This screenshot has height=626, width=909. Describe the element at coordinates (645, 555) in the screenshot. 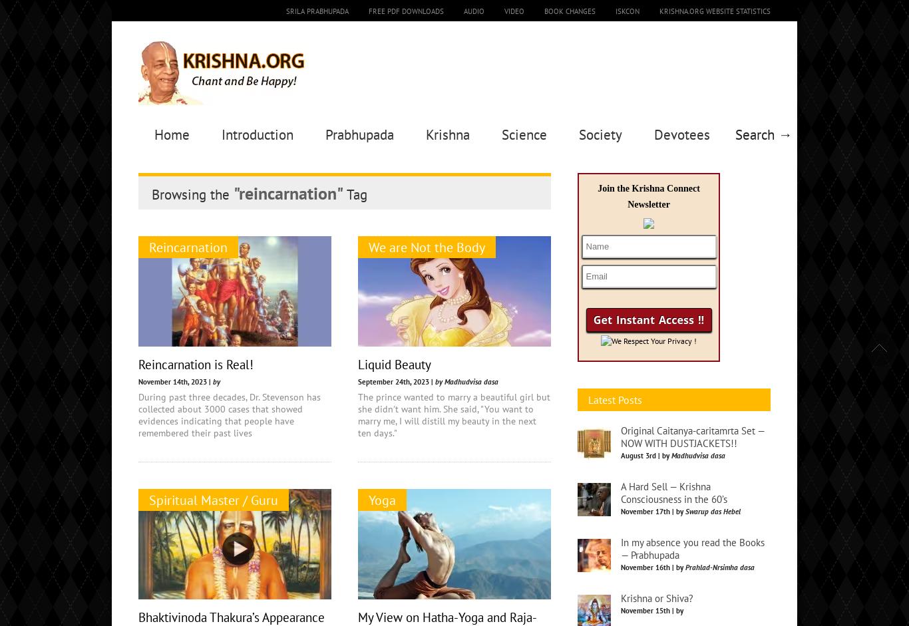

I see `'August 3rd | by'` at that location.